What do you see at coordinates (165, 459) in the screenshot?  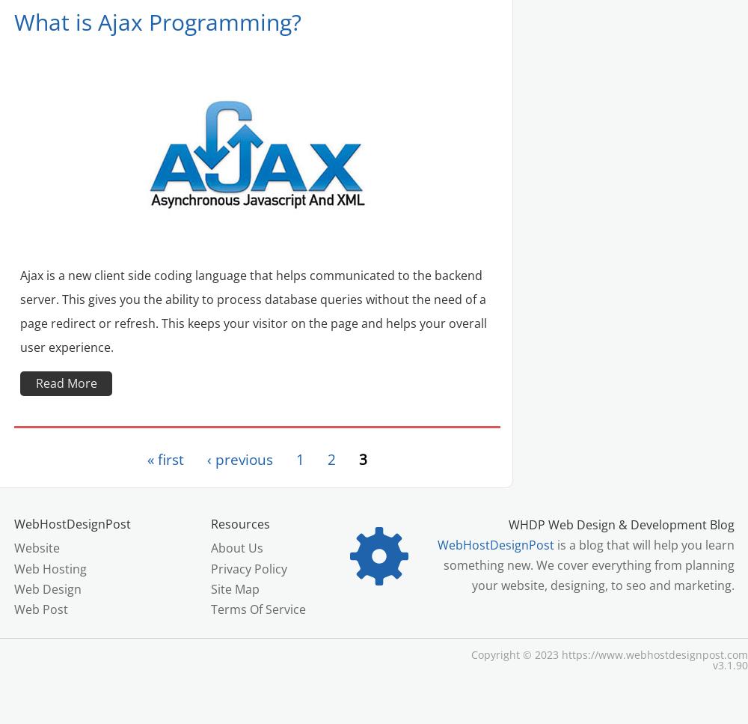 I see `'« first'` at bounding box center [165, 459].